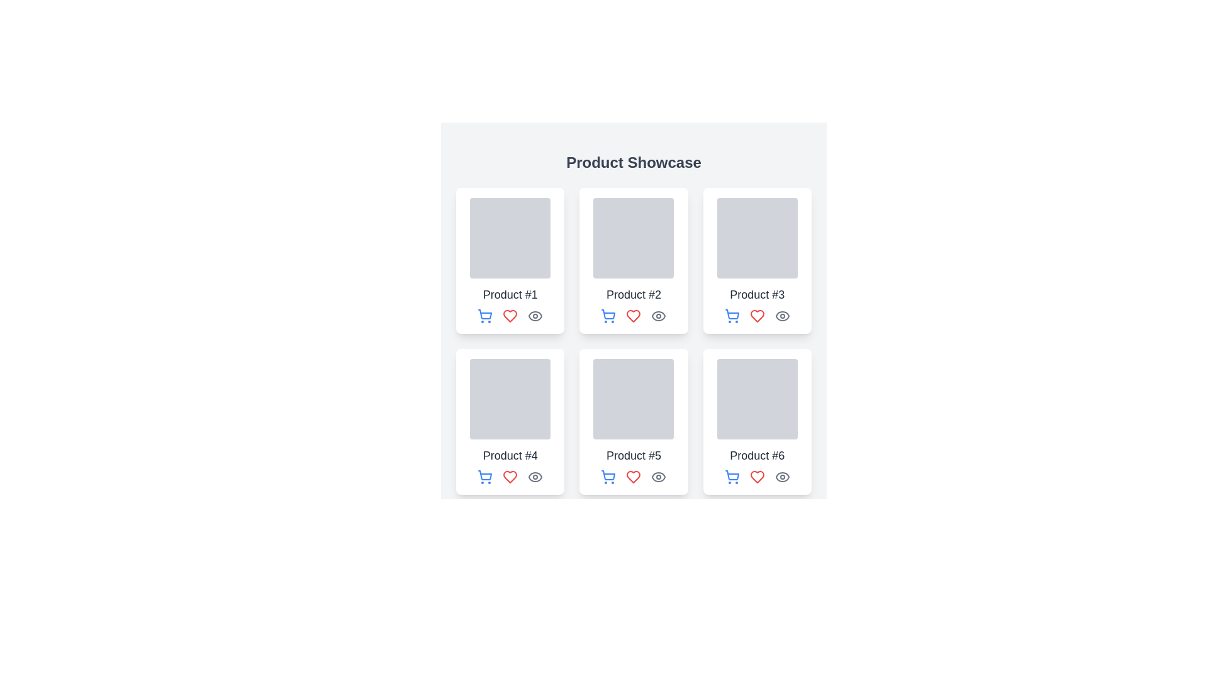 This screenshot has width=1208, height=679. I want to click on the 'Add to Cart' icon located under 'Product #1', so click(484, 314).